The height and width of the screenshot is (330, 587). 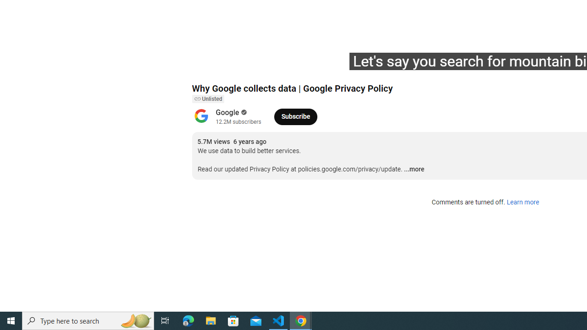 I want to click on 'Mute (m)', so click(x=251, y=65).